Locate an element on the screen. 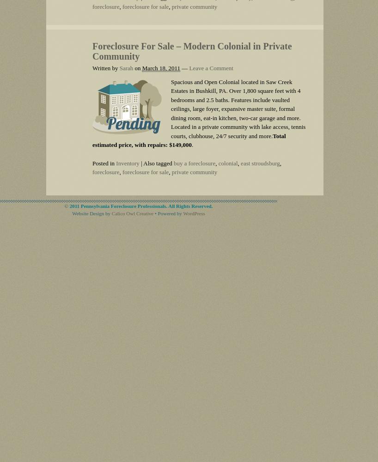 The image size is (378, 462). 'Spacious and Open Colonial located in Saw Creek Estates in Bushkill, PA. Over 1,800 square feet with 4 bedrooms and 2.5 baths. Features include vaulted ceilings, large foyer, expansive master suite, formal dining room, eat-in kitchen, two-car garage and more. Located in a private community with lake access, tennis courts, clubhouse, 24/7 security and more.' is located at coordinates (238, 108).